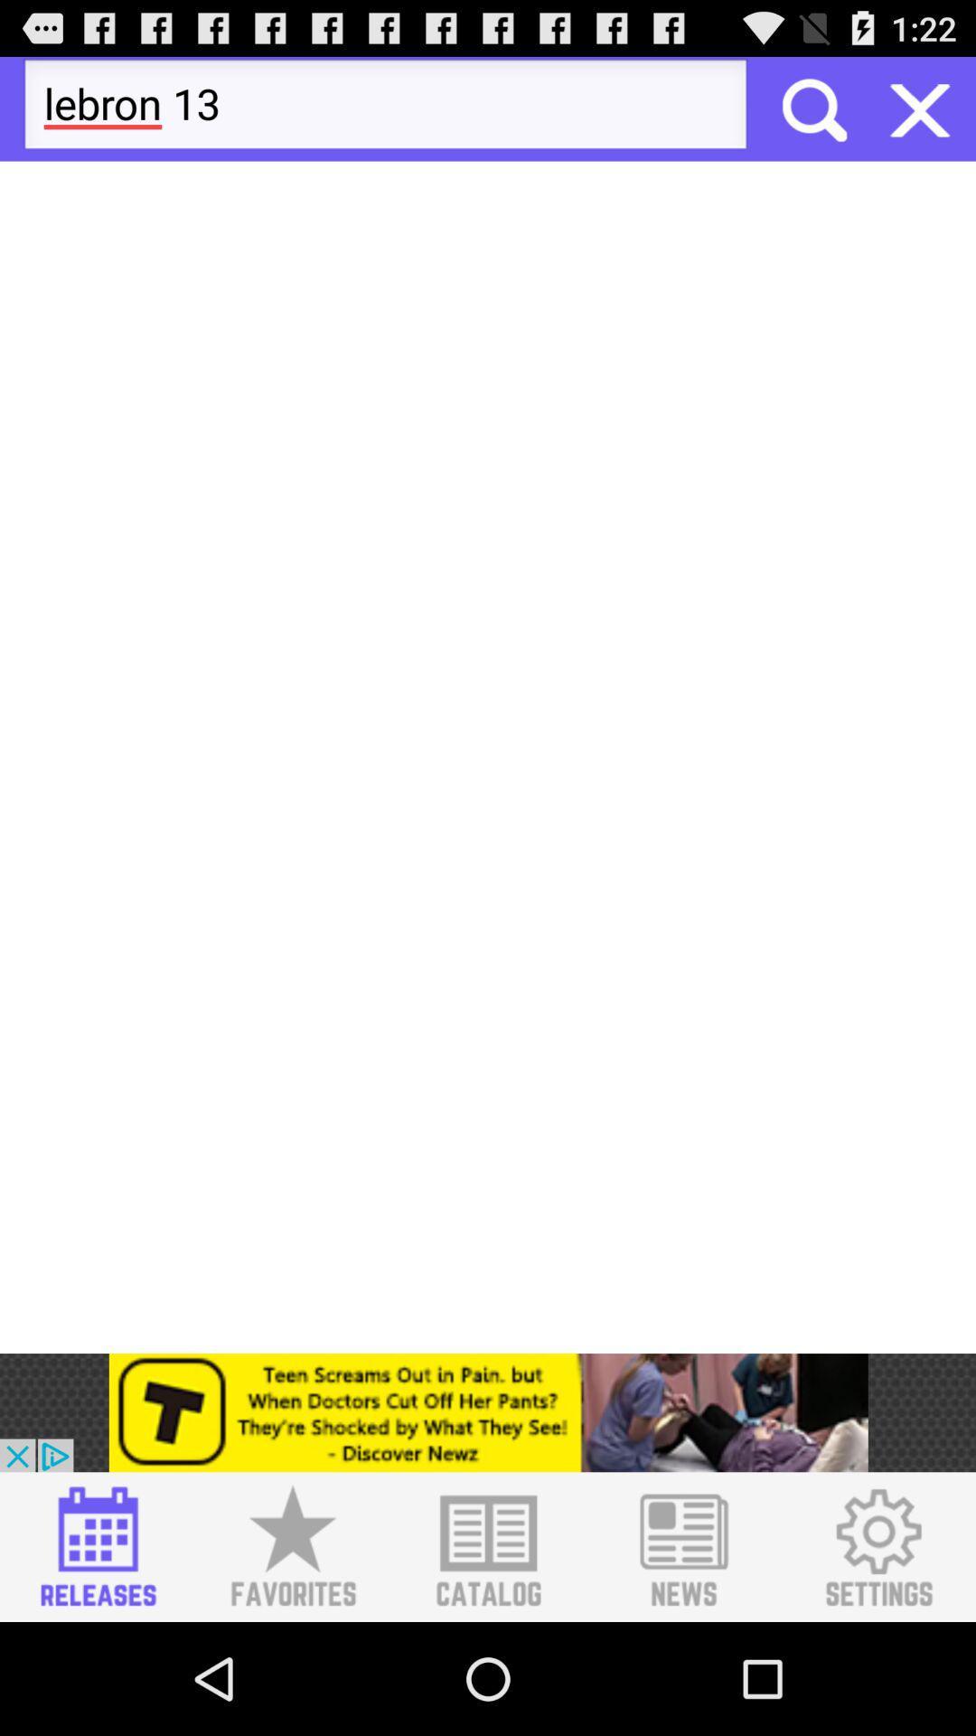 The width and height of the screenshot is (976, 1736). I want to click on favorites screen, so click(292, 1546).